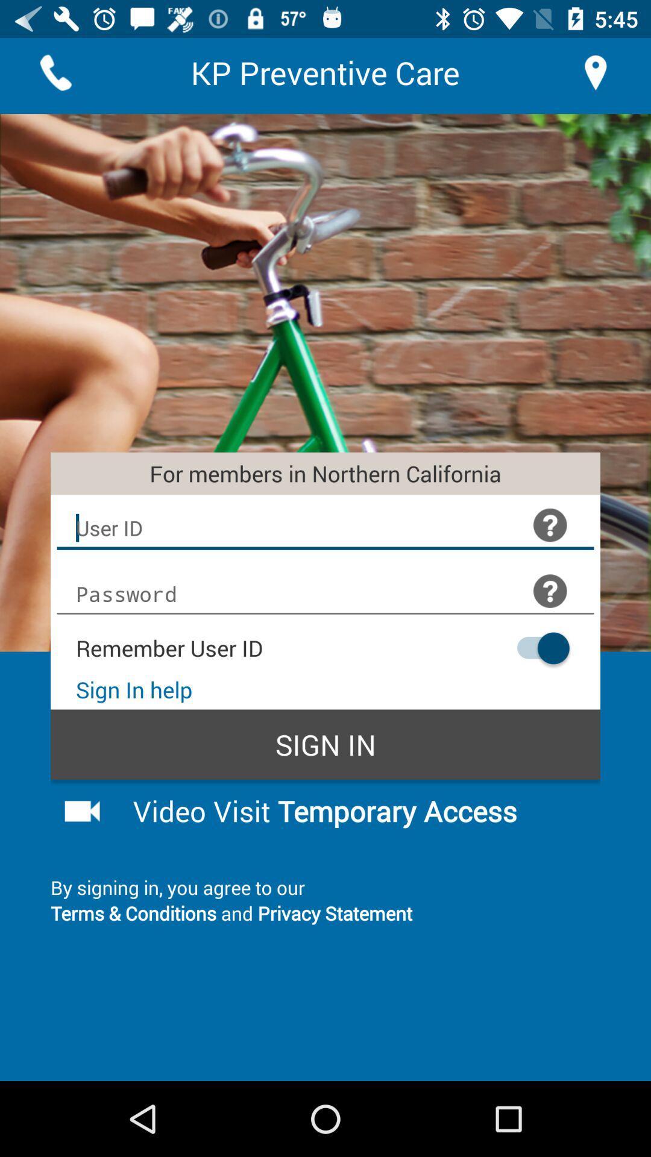  I want to click on icon above sign in item, so click(536, 647).